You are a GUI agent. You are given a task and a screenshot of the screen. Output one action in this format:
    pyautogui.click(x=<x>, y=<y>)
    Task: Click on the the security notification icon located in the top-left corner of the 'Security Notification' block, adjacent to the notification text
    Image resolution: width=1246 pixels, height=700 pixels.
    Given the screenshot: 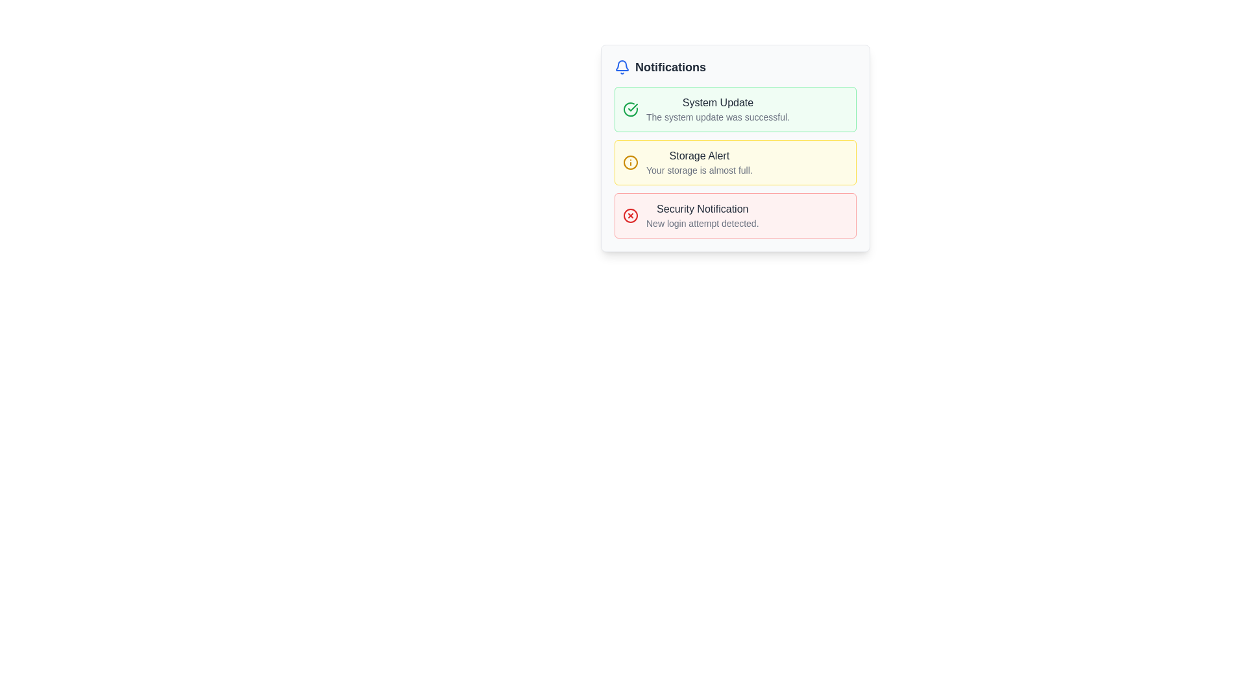 What is the action you would take?
    pyautogui.click(x=630, y=215)
    